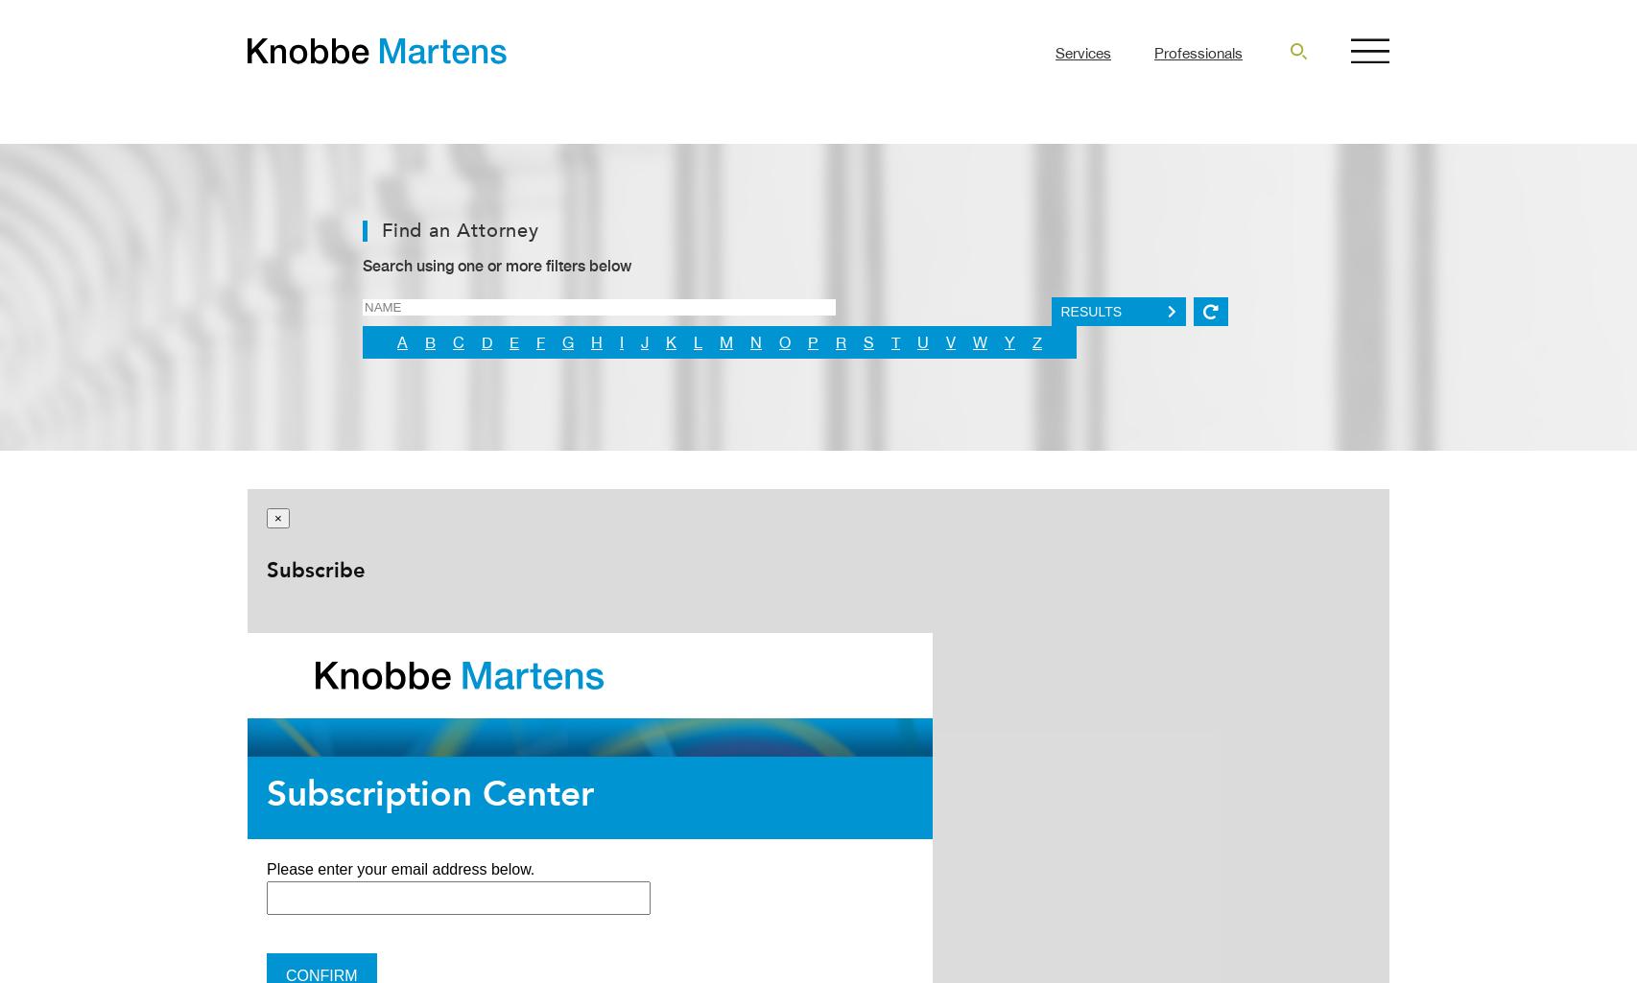  I want to click on 'Z', so click(1032, 341).